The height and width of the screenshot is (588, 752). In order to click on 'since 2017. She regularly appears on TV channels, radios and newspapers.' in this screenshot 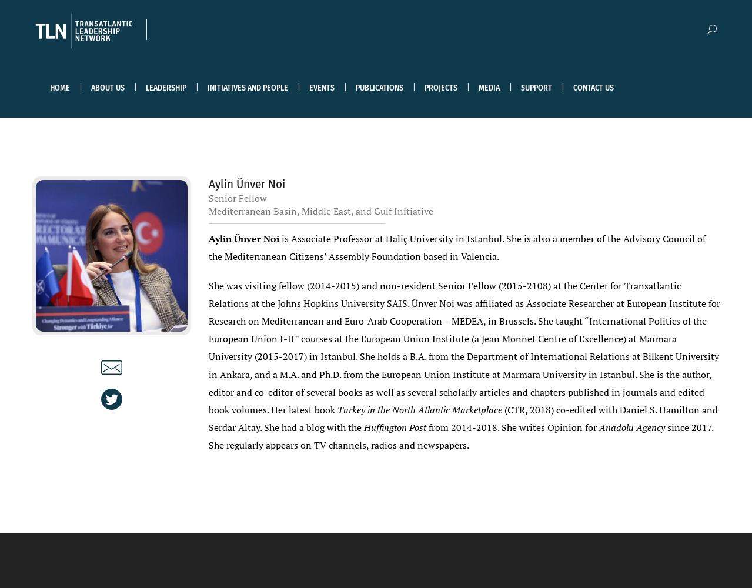, I will do `click(460, 435)`.